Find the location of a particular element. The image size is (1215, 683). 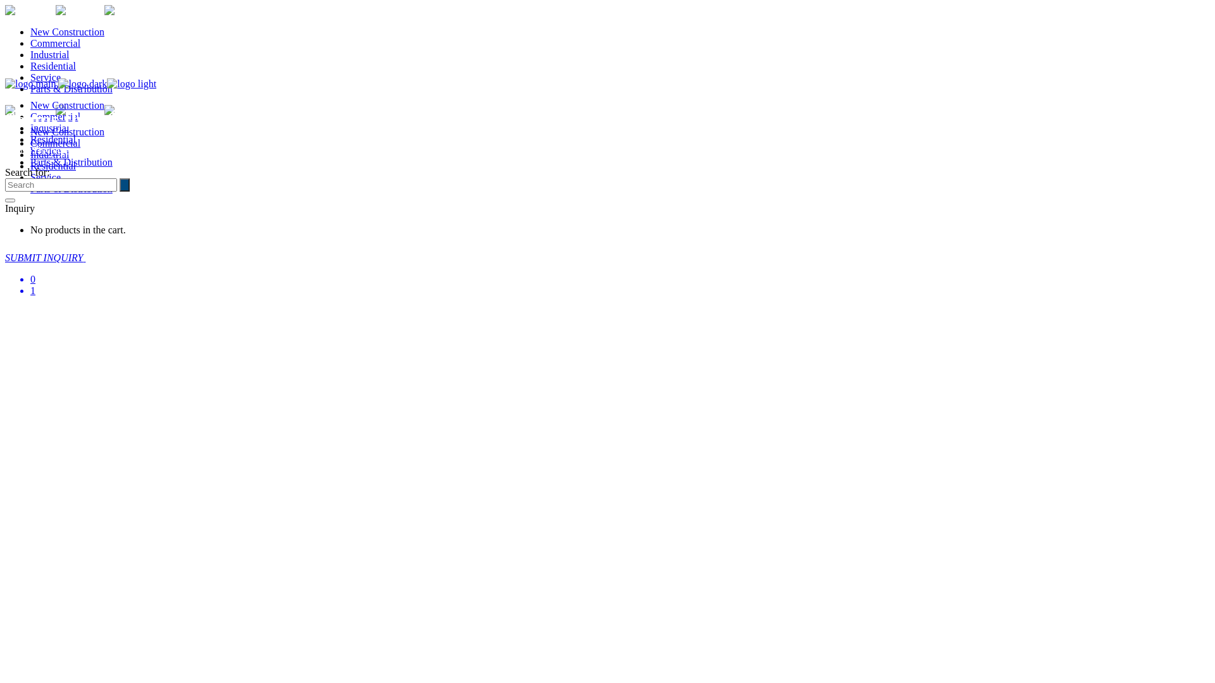

'Parts & Distribution' is located at coordinates (71, 161).